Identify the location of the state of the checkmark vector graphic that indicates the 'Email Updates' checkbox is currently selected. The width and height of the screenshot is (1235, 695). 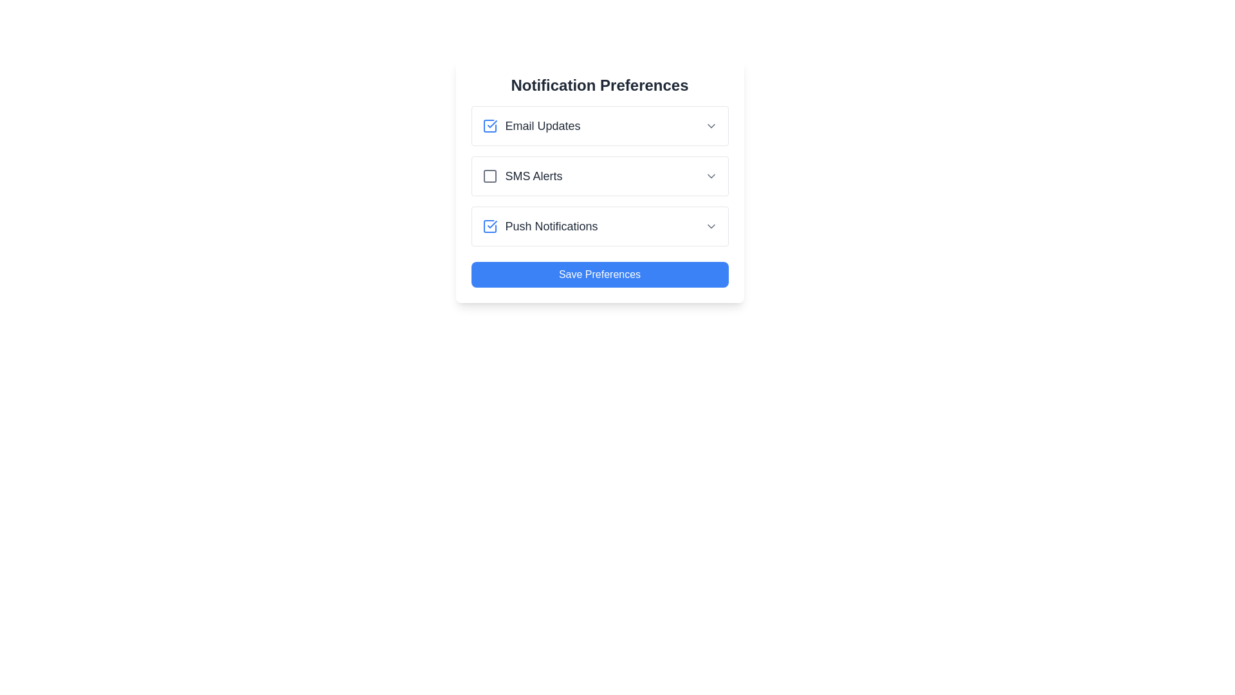
(491, 223).